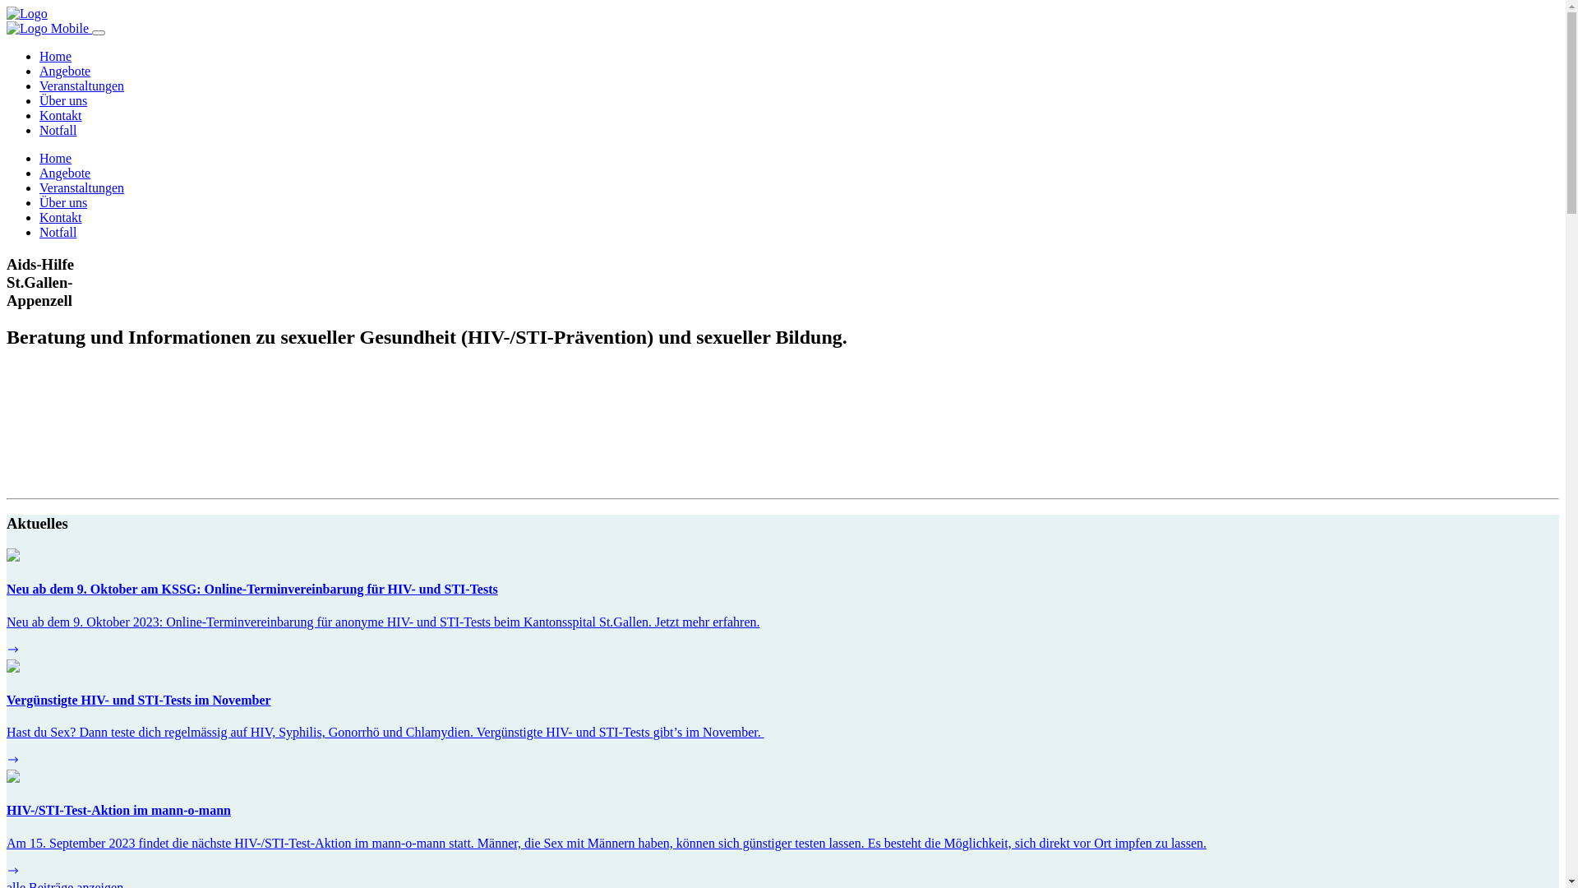 This screenshot has width=1578, height=888. I want to click on 'Veranstaltungen', so click(81, 187).